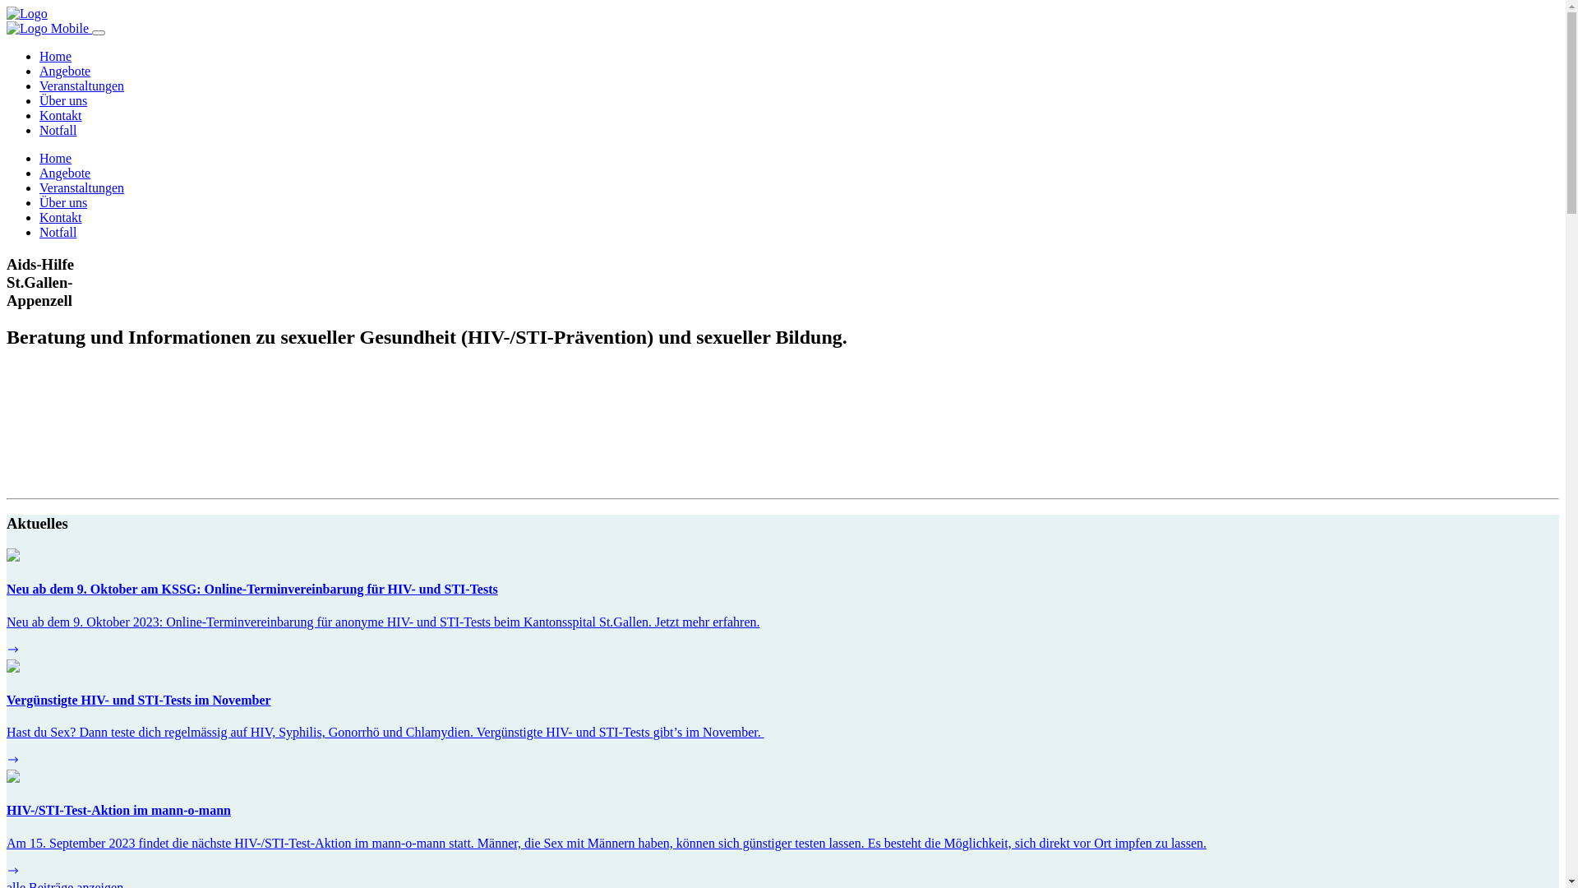 This screenshot has width=1578, height=888. I want to click on 'Veranstaltungen', so click(81, 187).